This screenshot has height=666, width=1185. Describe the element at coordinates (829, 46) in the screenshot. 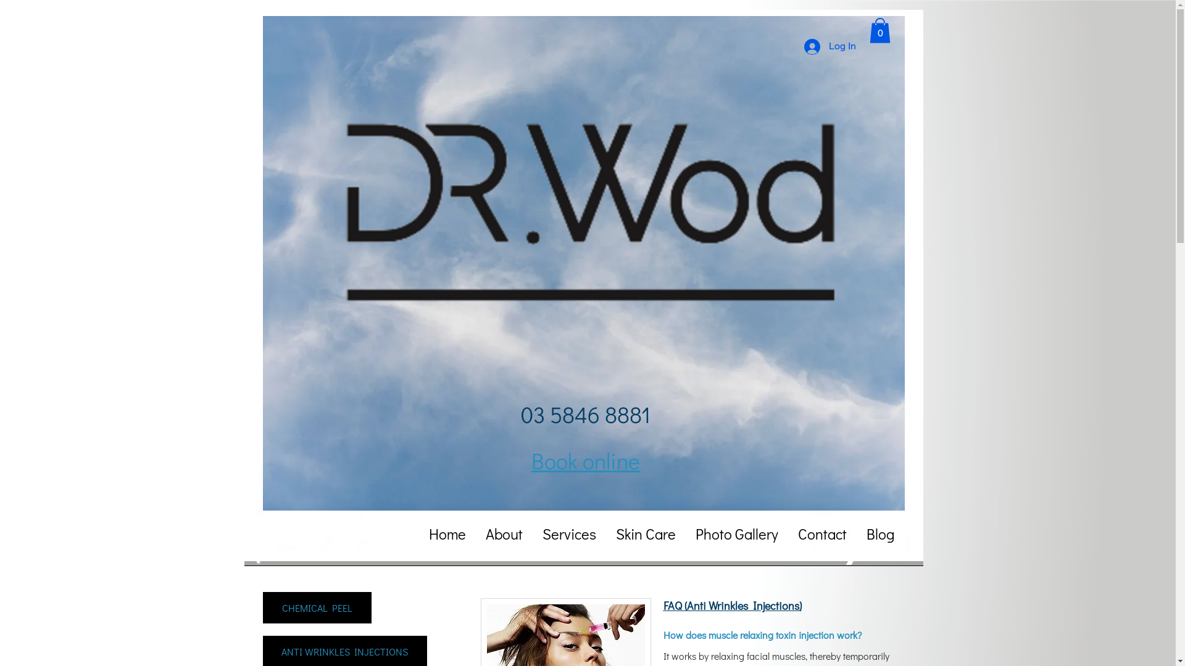

I see `'Log In'` at that location.